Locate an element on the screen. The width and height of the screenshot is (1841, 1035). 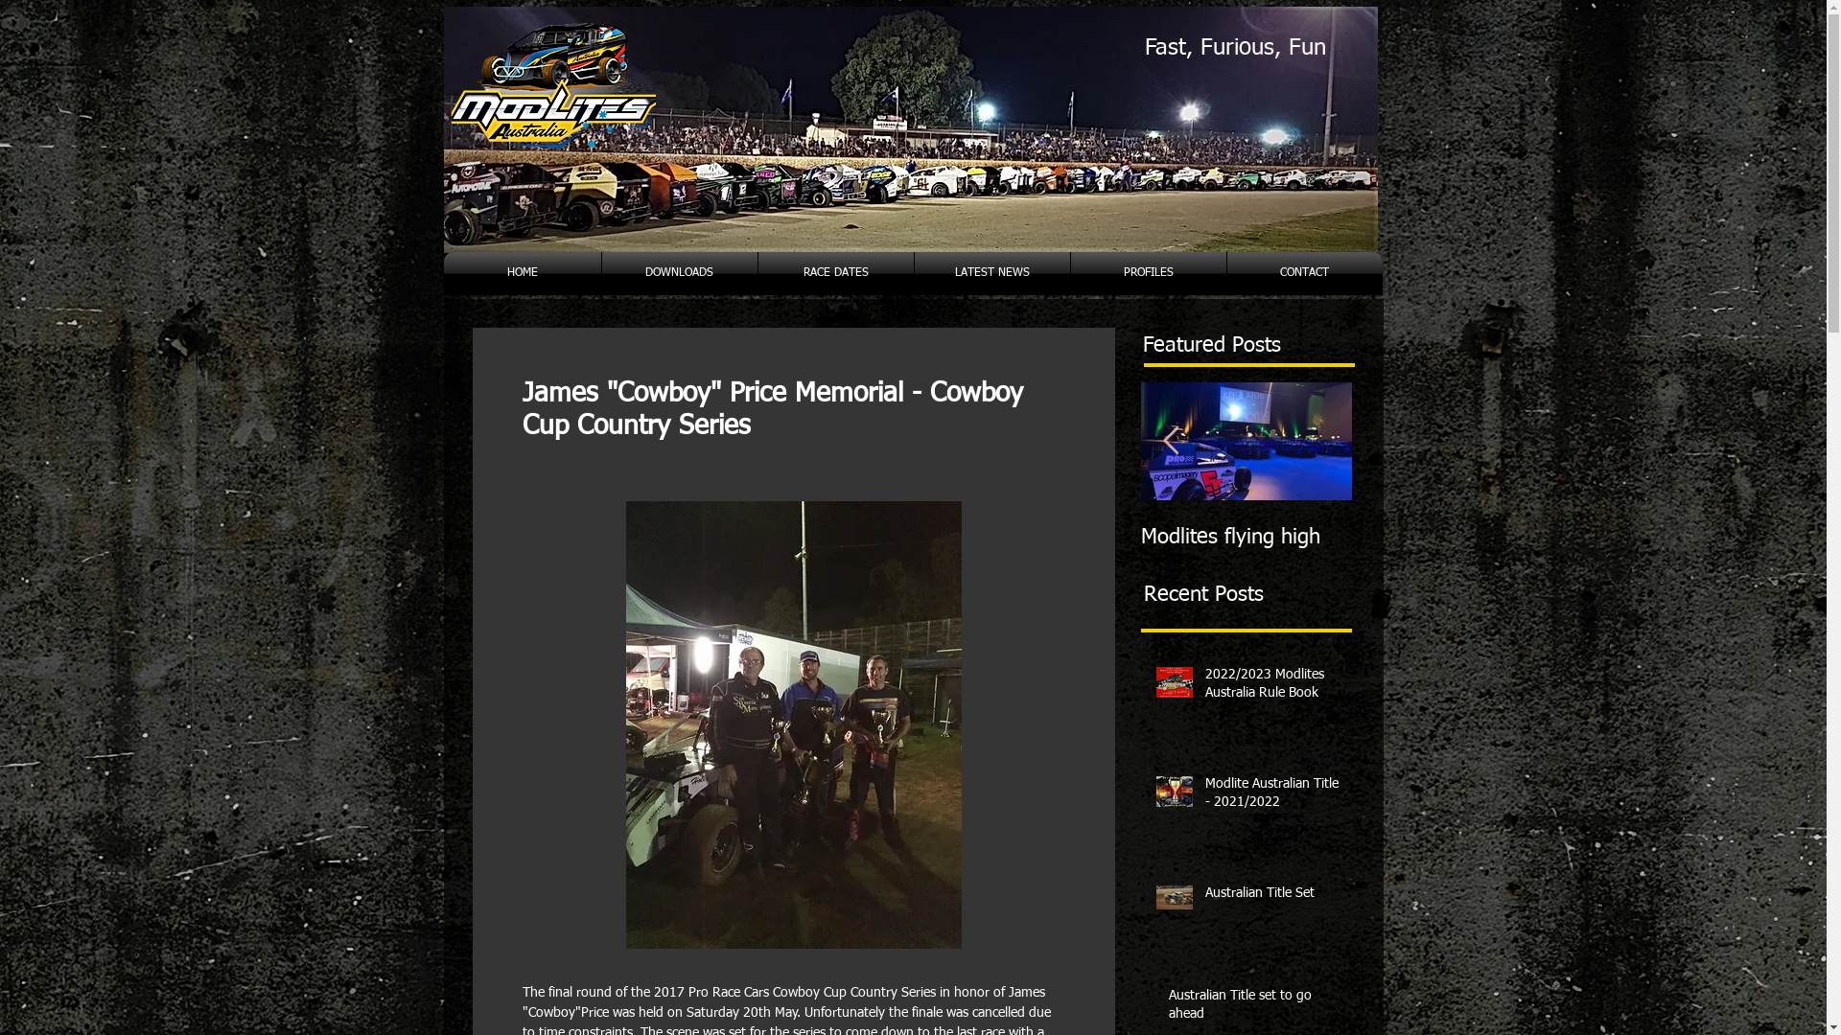
'LATEST NEWS' is located at coordinates (992, 273).